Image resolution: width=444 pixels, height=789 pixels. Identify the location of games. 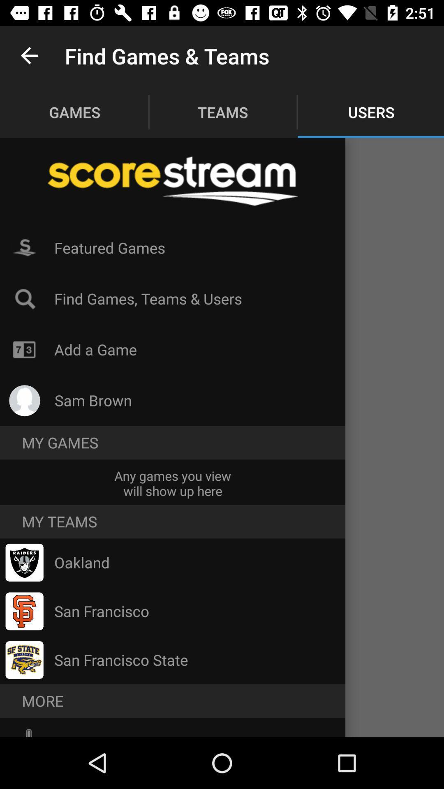
(74, 112).